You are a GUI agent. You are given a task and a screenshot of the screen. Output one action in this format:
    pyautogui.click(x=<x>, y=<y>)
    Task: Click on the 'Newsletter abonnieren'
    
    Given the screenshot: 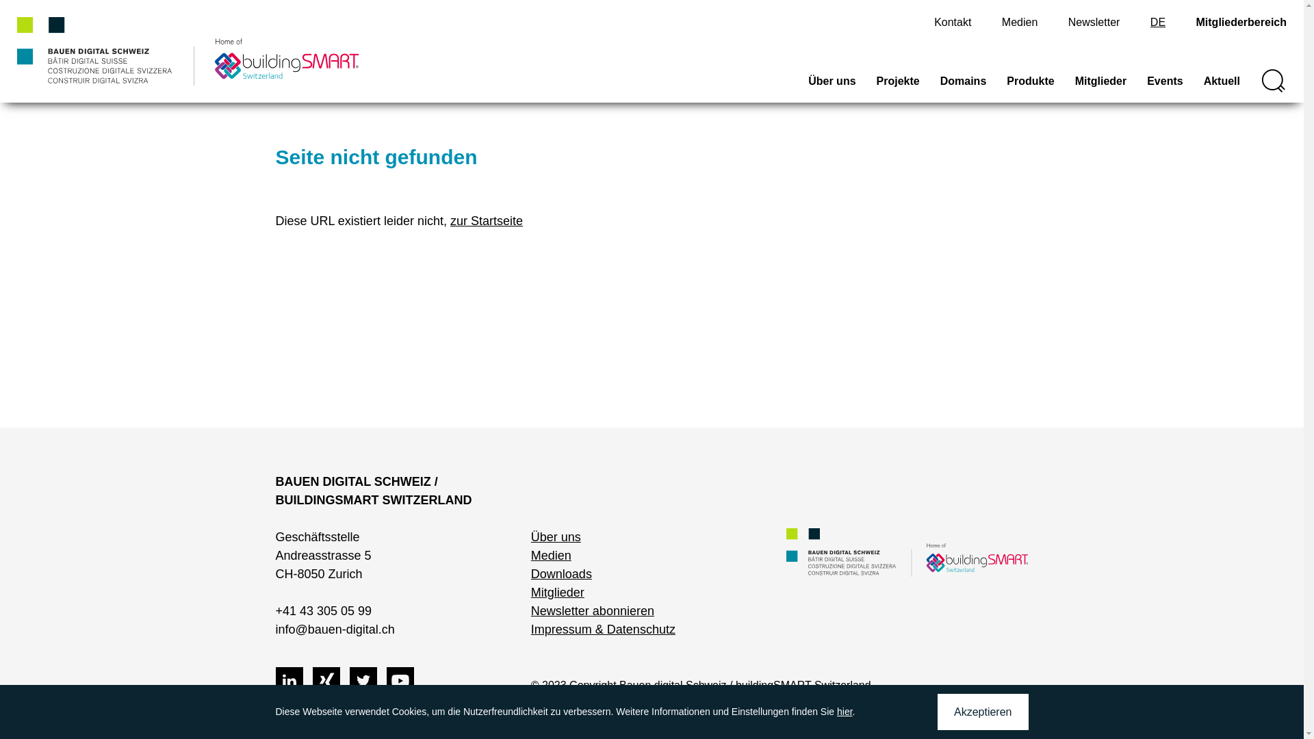 What is the action you would take?
    pyautogui.click(x=592, y=610)
    